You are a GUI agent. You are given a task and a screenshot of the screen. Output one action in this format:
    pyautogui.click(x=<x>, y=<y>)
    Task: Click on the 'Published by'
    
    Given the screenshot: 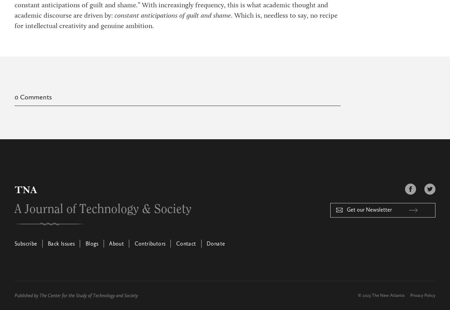 What is the action you would take?
    pyautogui.click(x=27, y=295)
    